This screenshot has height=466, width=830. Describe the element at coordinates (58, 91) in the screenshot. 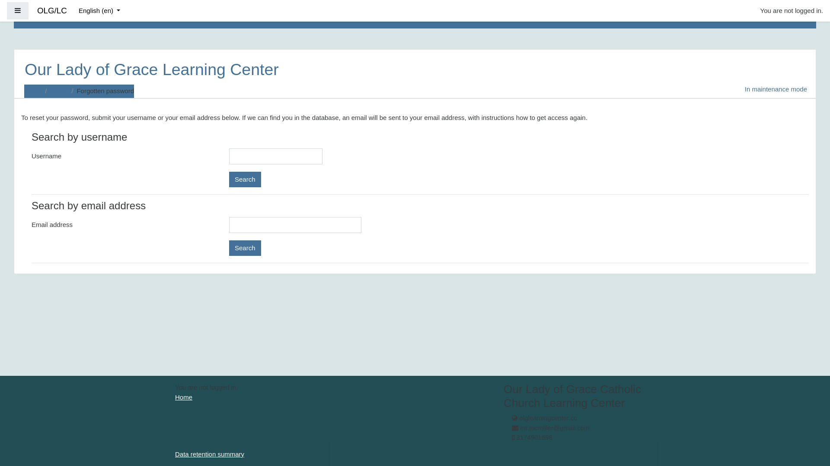

I see `'Log in'` at that location.